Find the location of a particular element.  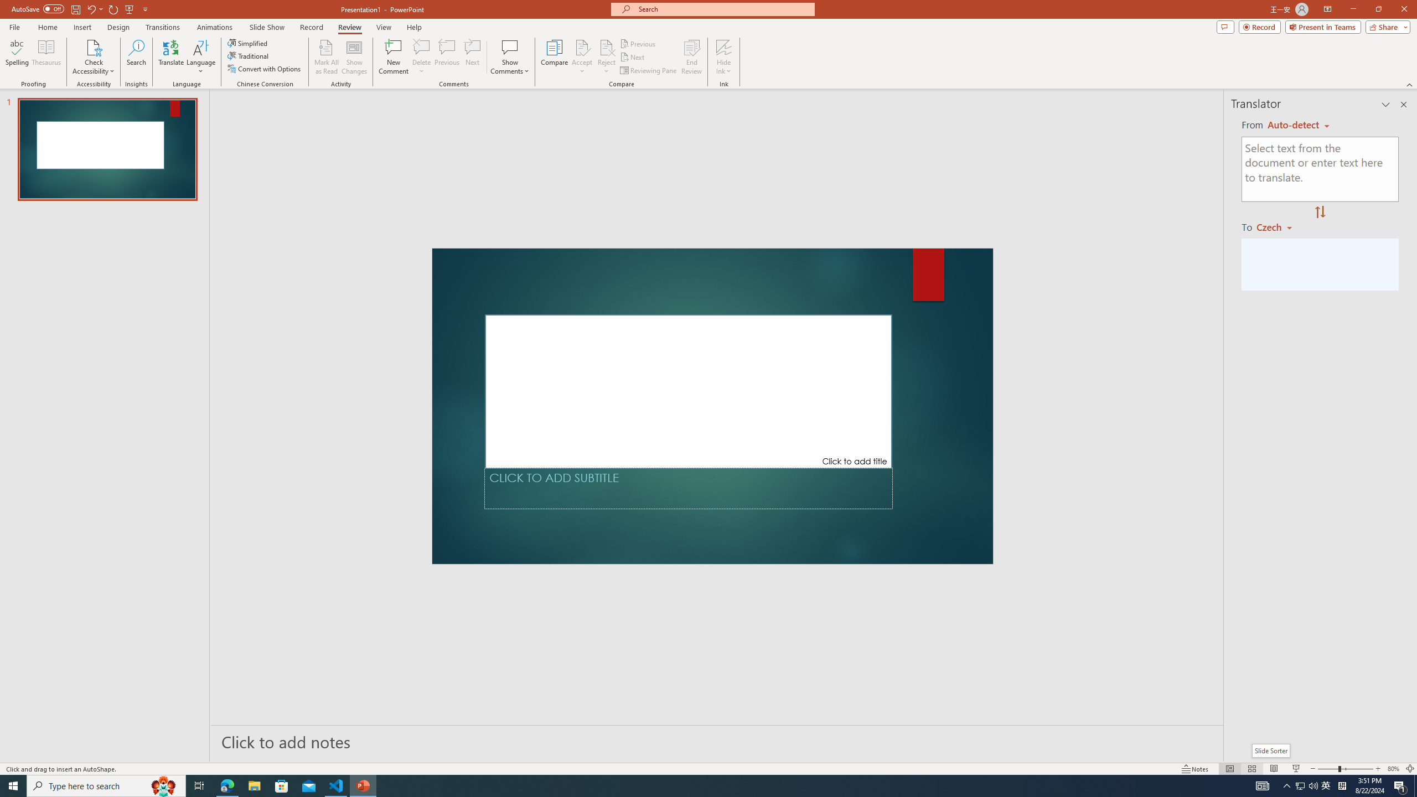

'Title TextBox' is located at coordinates (688, 391).